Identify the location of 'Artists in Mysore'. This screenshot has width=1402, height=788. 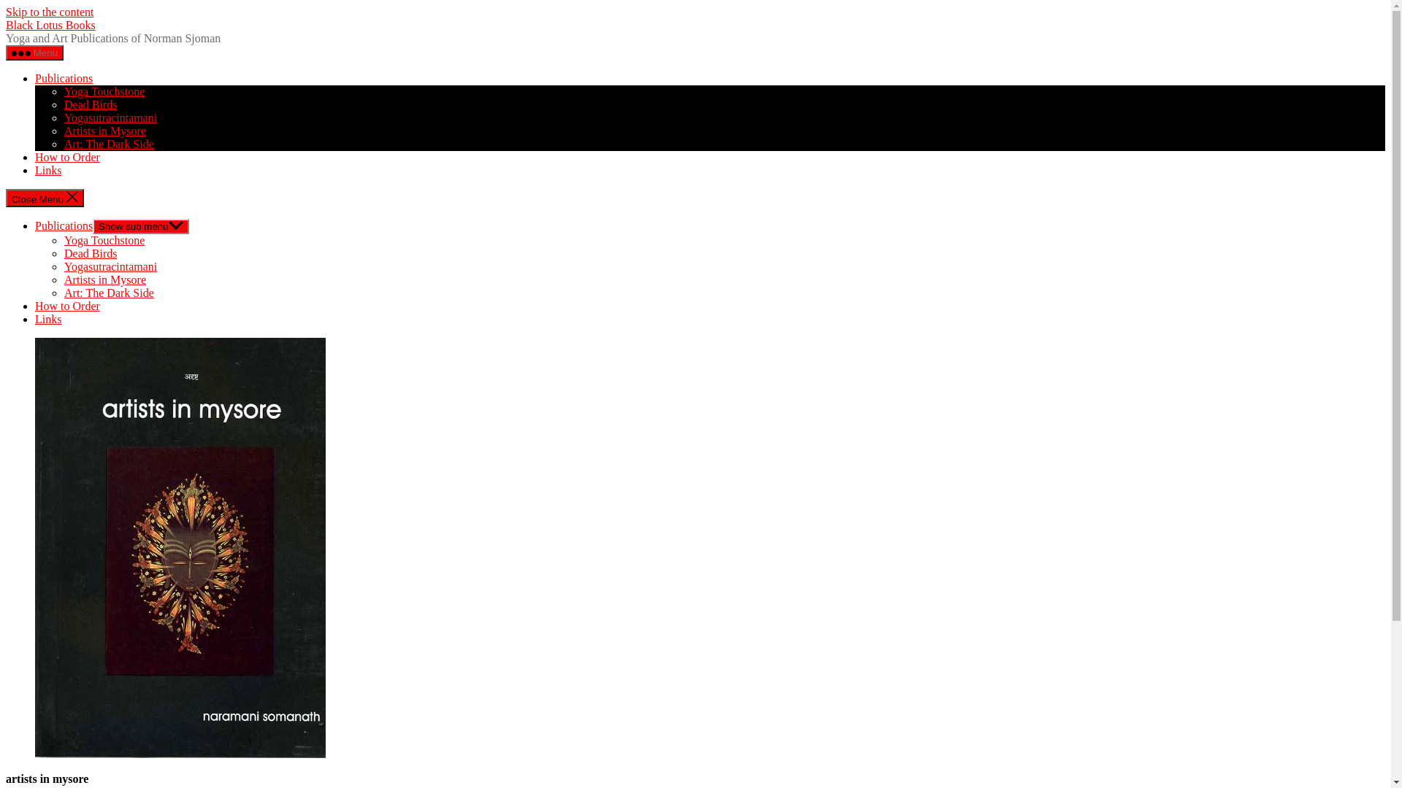
(104, 130).